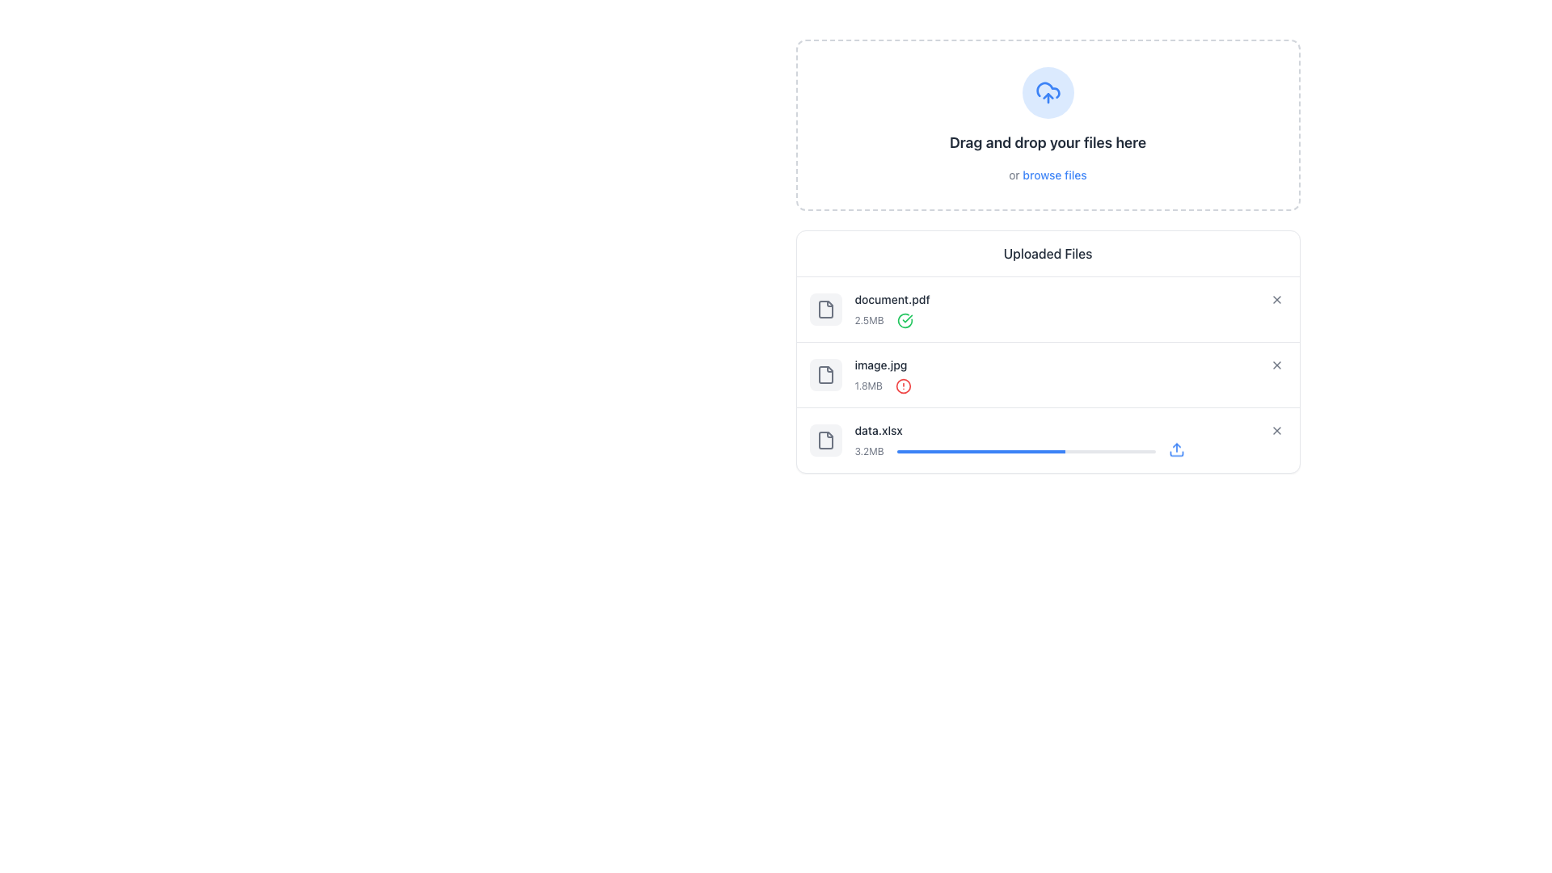 The width and height of the screenshot is (1552, 873). What do you see at coordinates (1276, 299) in the screenshot?
I see `the 'X' icon button, which is a gray 'X' used for deleting, located at the right edge of the 'document.pdf' entry row` at bounding box center [1276, 299].